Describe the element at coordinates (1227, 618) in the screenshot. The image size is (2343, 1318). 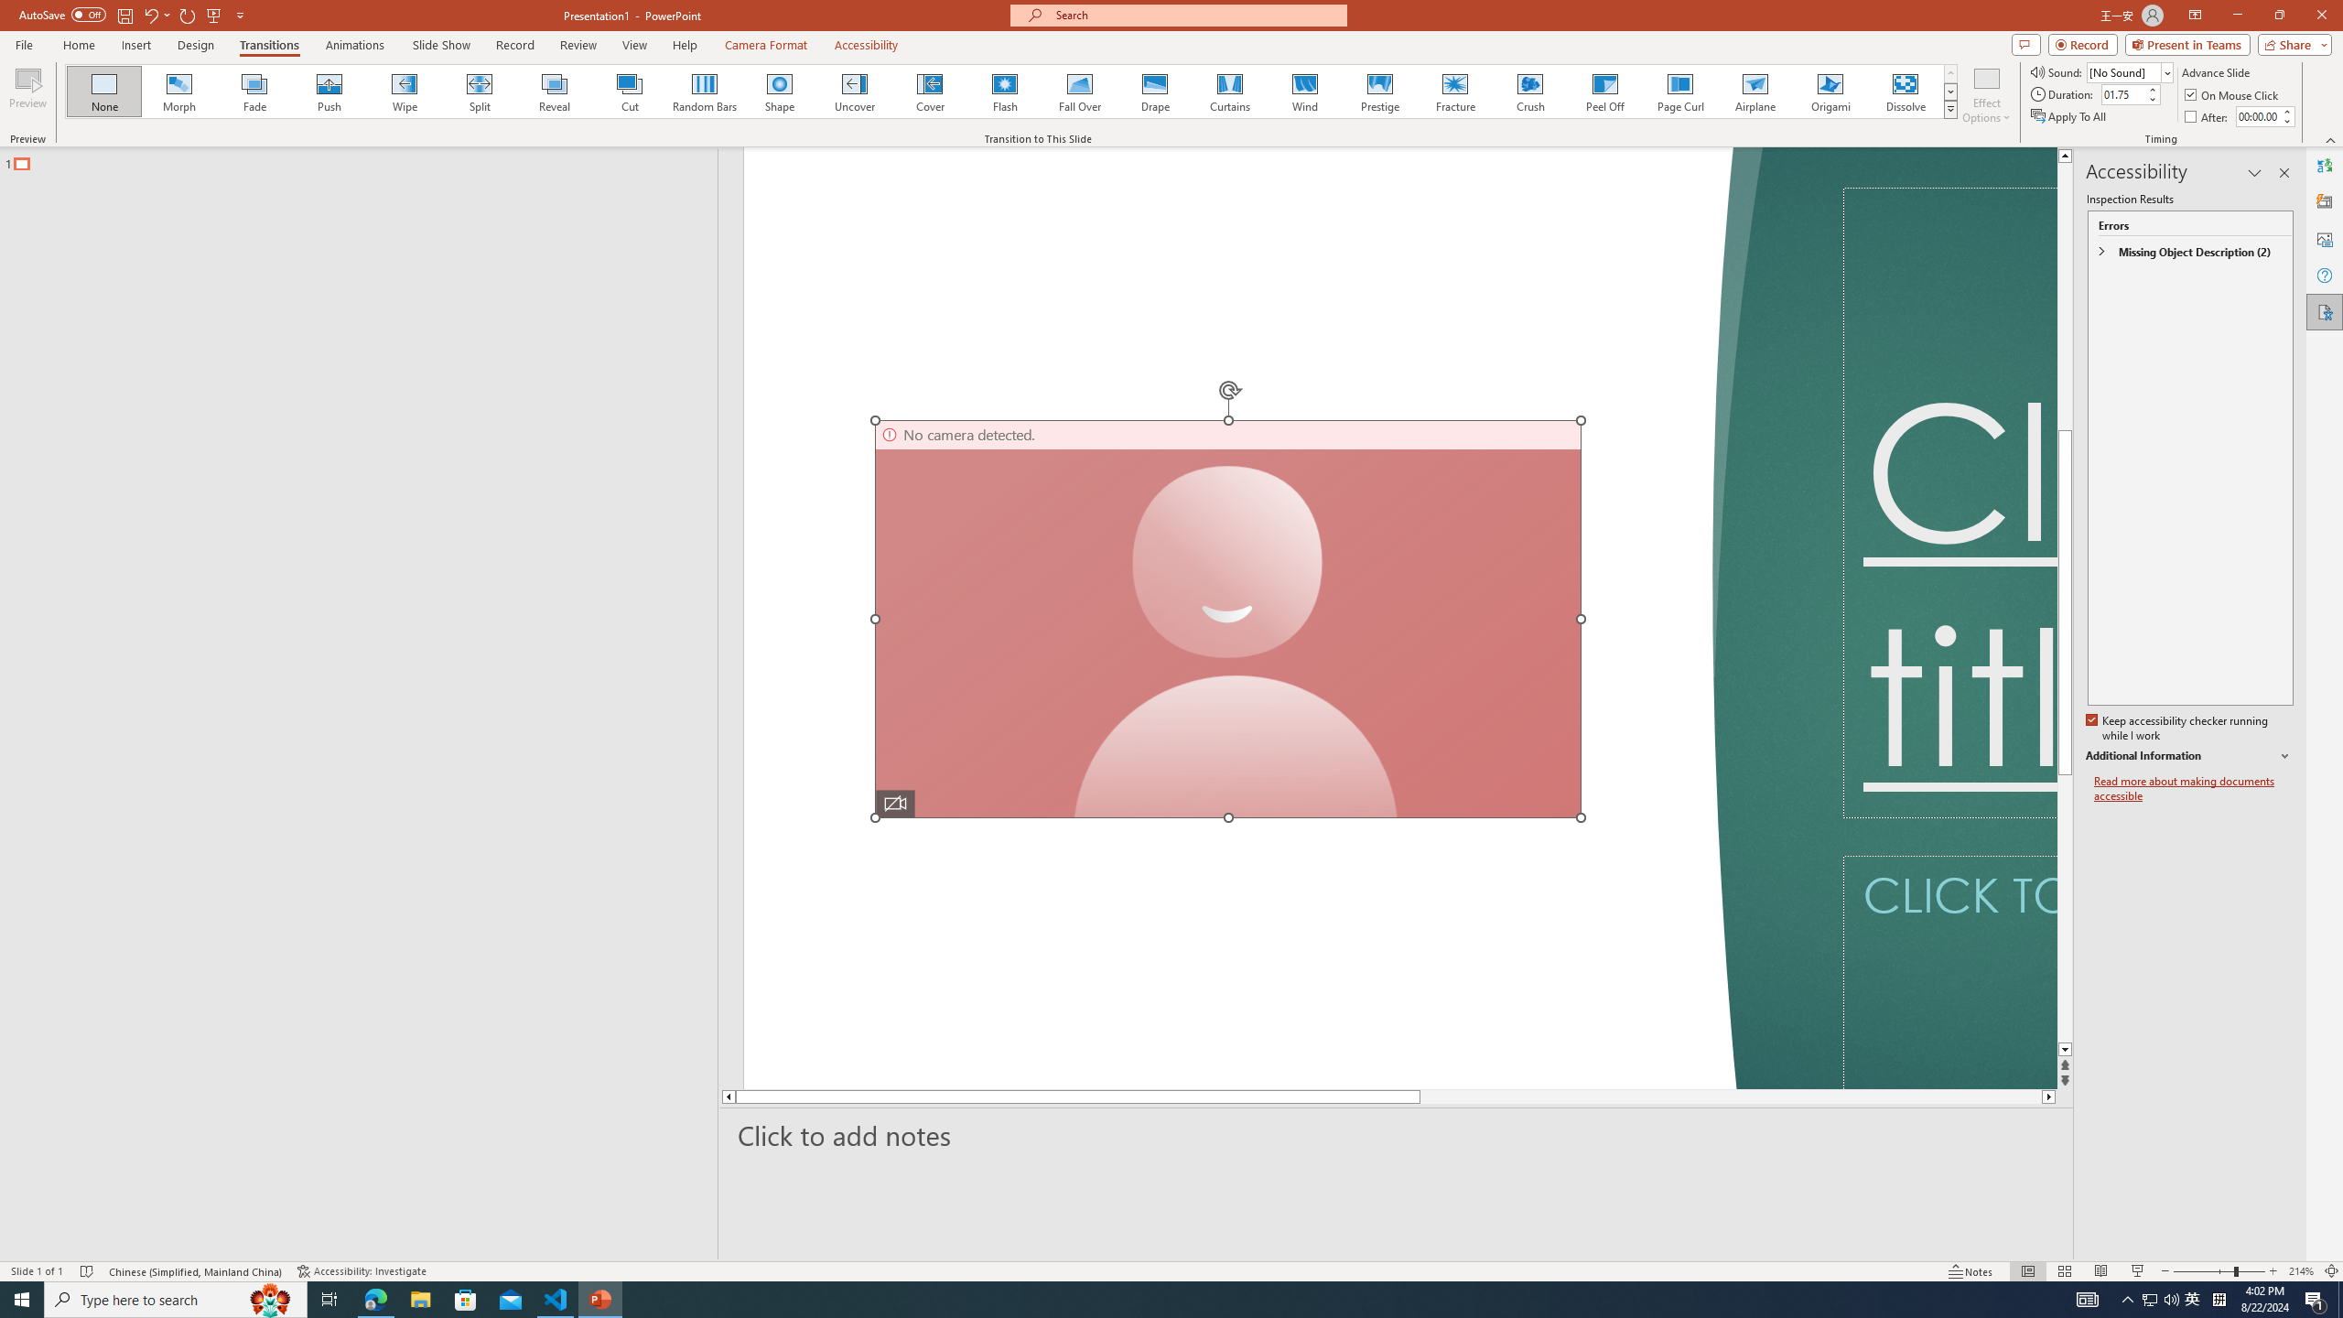
I see `'Camera 7, No camera detected.'` at that location.